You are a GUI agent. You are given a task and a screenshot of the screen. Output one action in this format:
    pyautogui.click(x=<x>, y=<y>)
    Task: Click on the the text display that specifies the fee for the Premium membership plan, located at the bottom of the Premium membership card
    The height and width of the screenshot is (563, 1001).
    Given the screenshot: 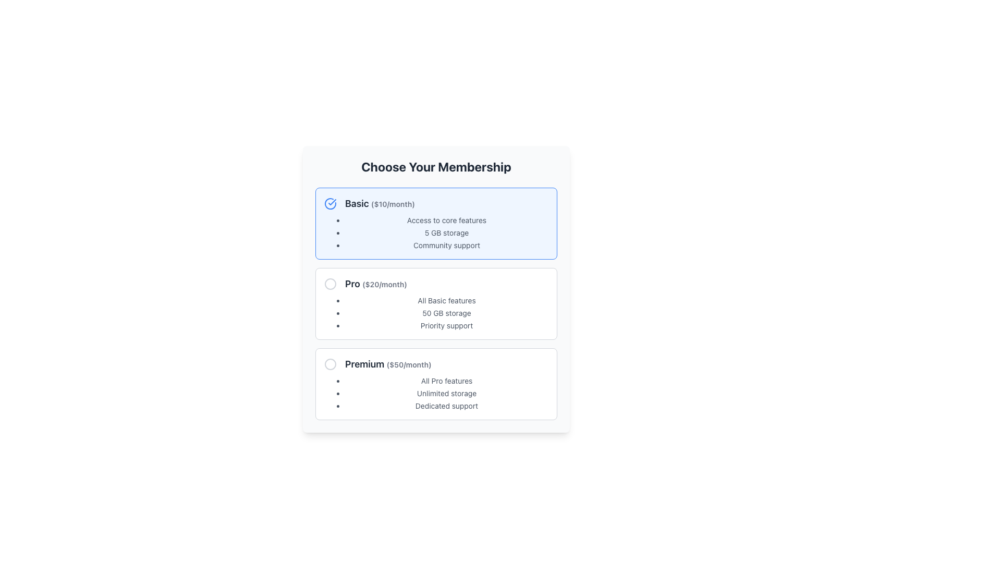 What is the action you would take?
    pyautogui.click(x=408, y=364)
    